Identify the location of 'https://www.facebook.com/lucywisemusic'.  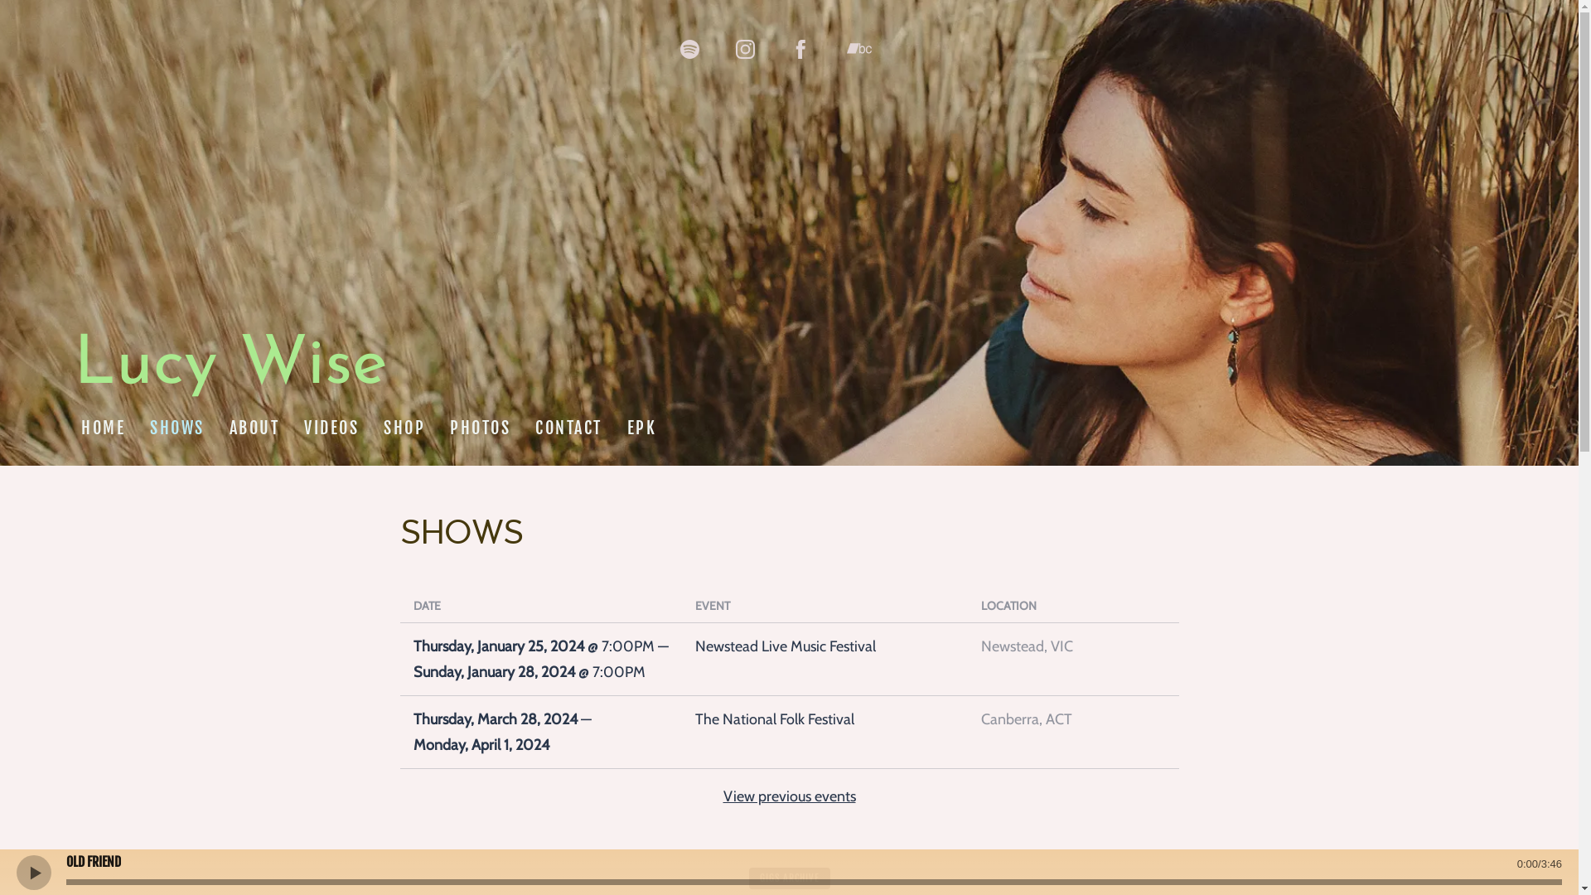
(800, 48).